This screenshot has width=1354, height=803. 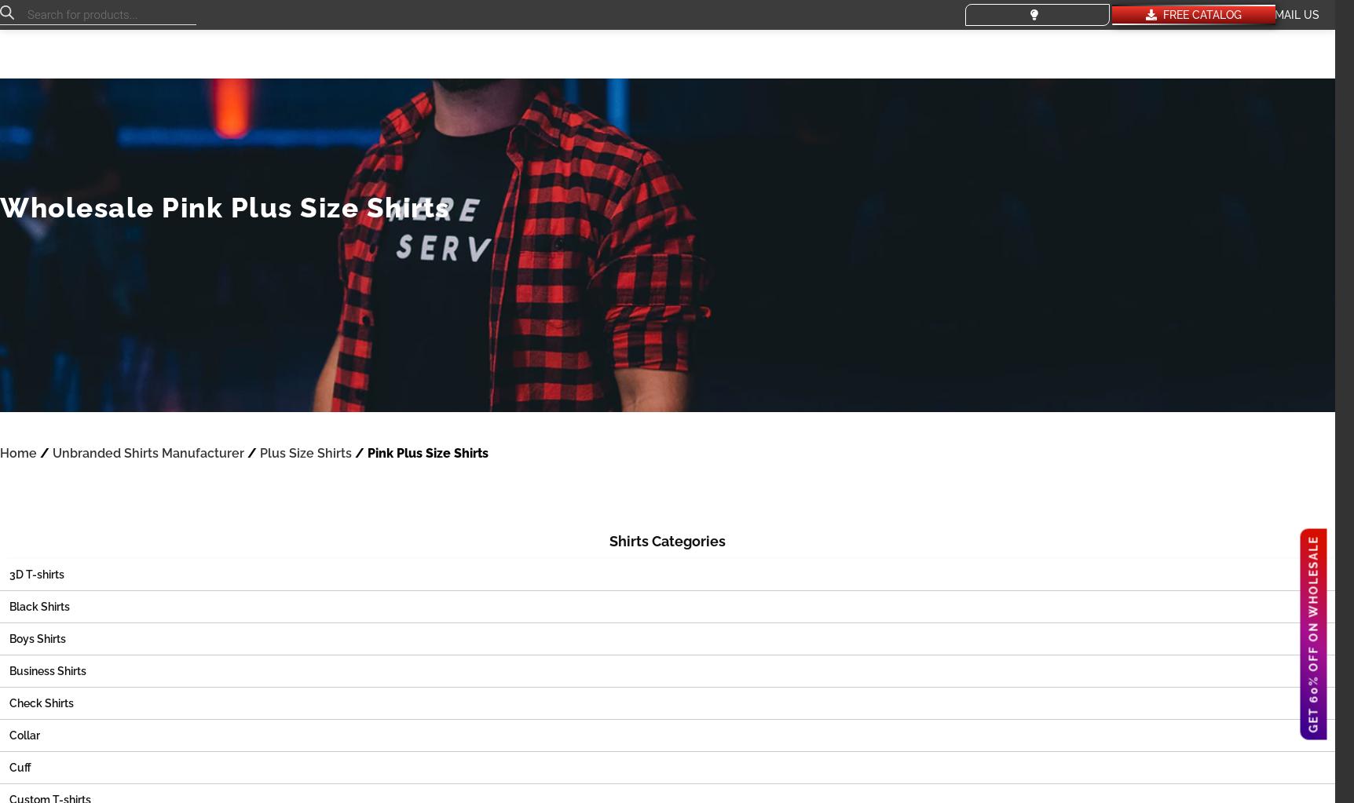 What do you see at coordinates (37, 574) in the screenshot?
I see `'3D T-shirts'` at bounding box center [37, 574].